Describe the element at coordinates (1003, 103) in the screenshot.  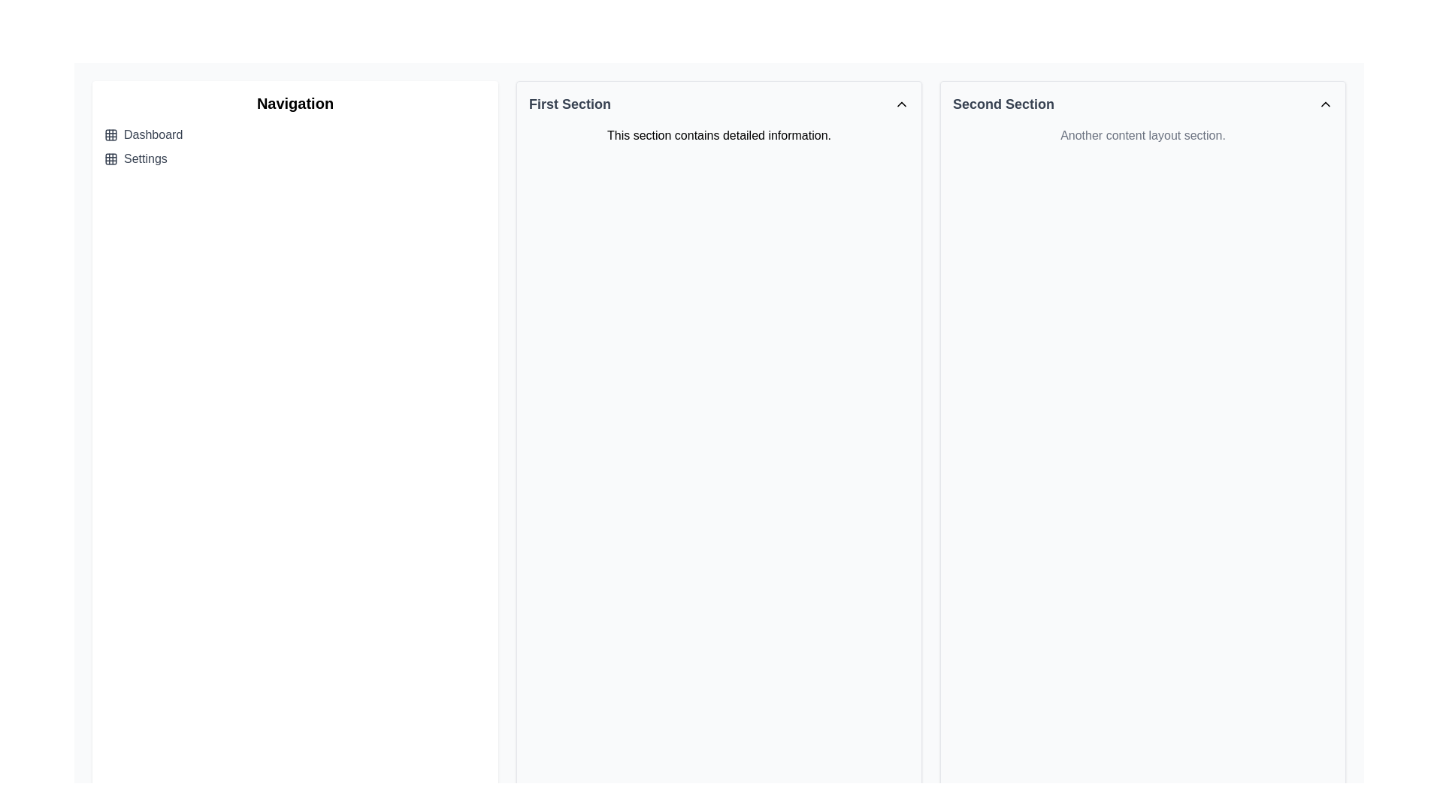
I see `the header text for the 'Second Section' located in the top-left corner of the right-hand panel in a three-column layout` at that location.